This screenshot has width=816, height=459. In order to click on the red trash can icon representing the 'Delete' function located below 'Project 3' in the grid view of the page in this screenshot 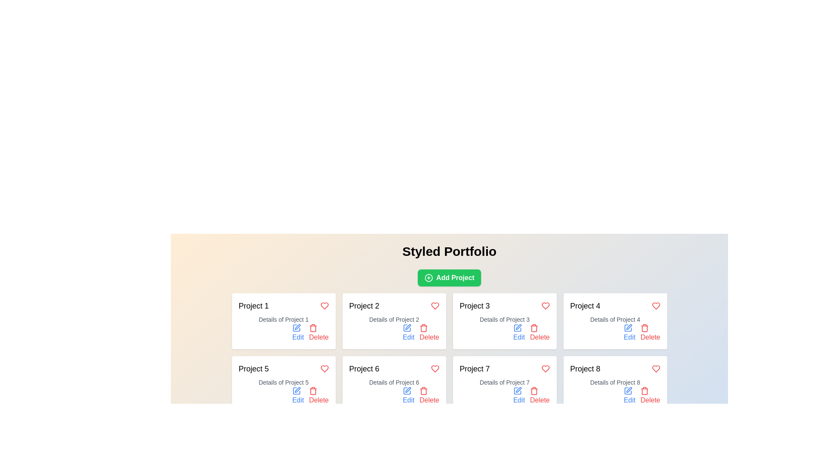, I will do `click(534, 327)`.